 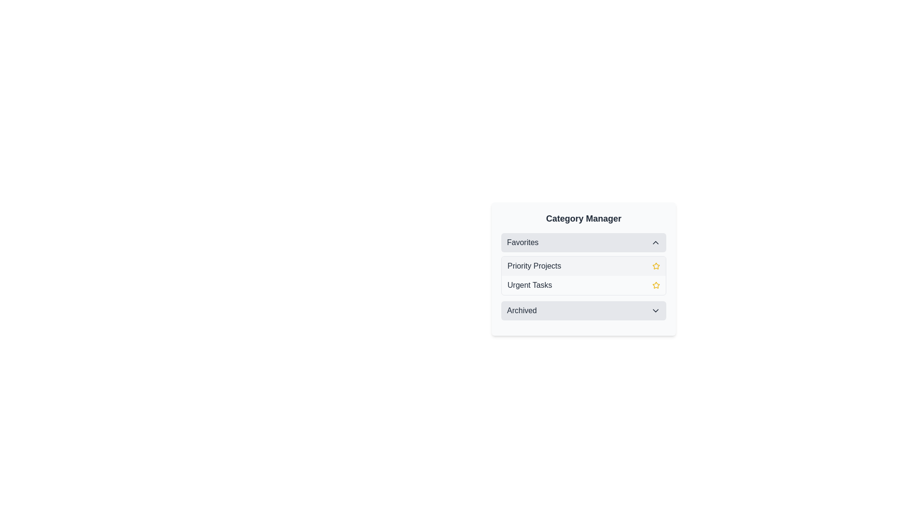 I want to click on the icon located at the rightmost end of the 'Favorites' row in the 'Category Manager' list to interact with the list segment, so click(x=655, y=242).